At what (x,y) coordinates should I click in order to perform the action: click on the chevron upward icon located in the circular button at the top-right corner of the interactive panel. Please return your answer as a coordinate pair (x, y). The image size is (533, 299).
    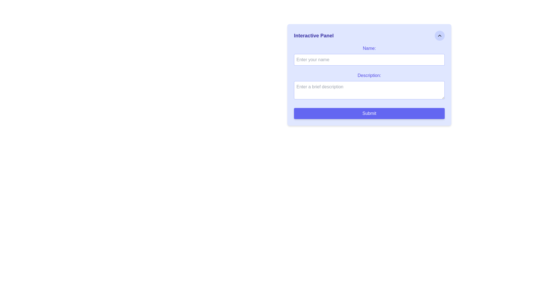
    Looking at the image, I should click on (439, 35).